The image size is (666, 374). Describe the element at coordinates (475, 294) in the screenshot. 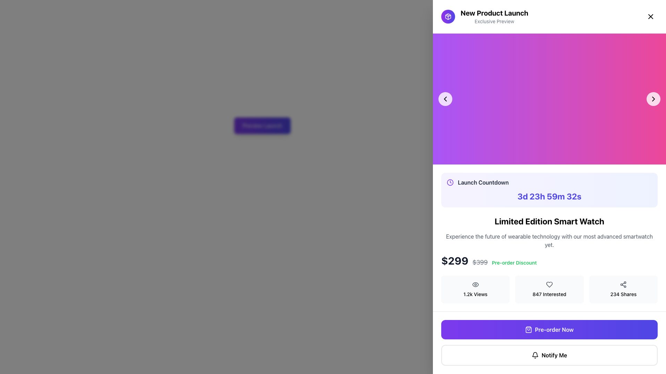

I see `text label displaying '1.2k Views' located within a light gray rectangular box below the product price section in the right panel of the interface` at that location.